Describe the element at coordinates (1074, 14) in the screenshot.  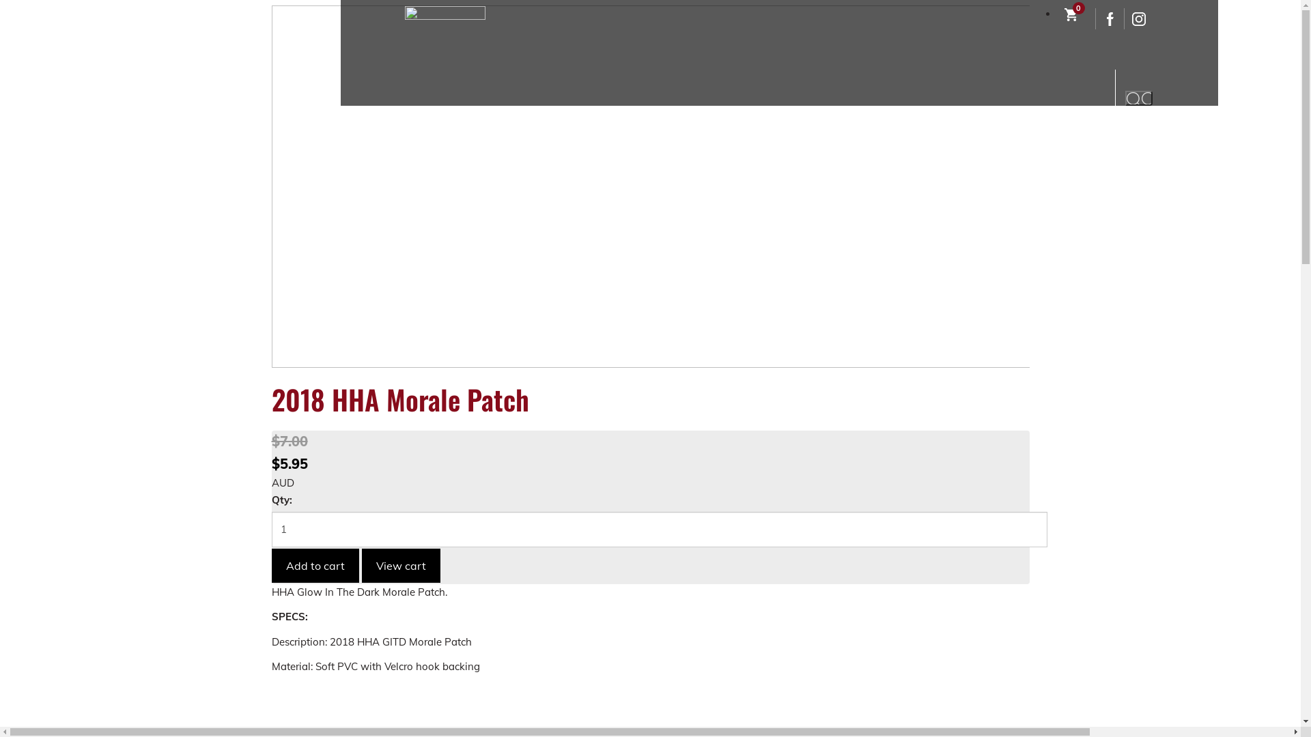
I see `'0'` at that location.